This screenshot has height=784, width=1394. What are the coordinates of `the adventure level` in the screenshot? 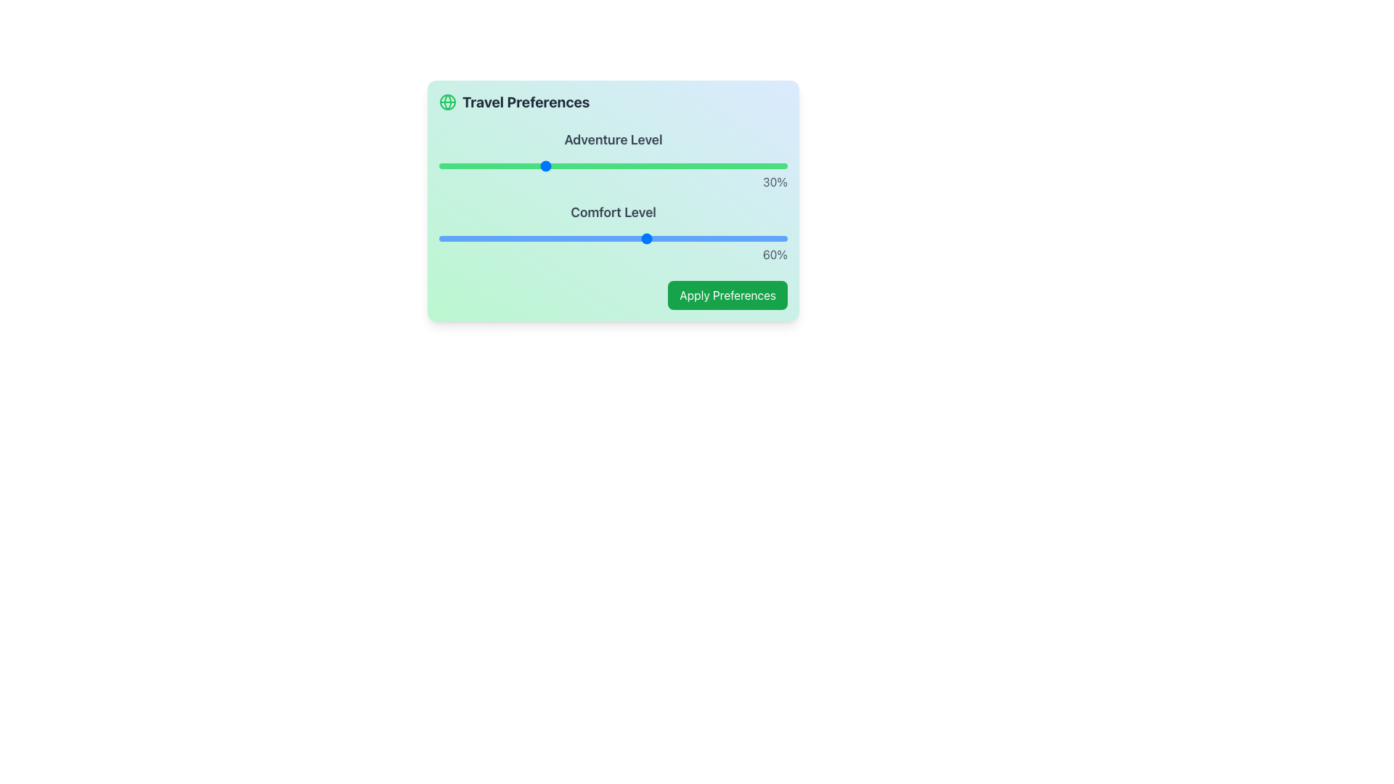 It's located at (651, 165).